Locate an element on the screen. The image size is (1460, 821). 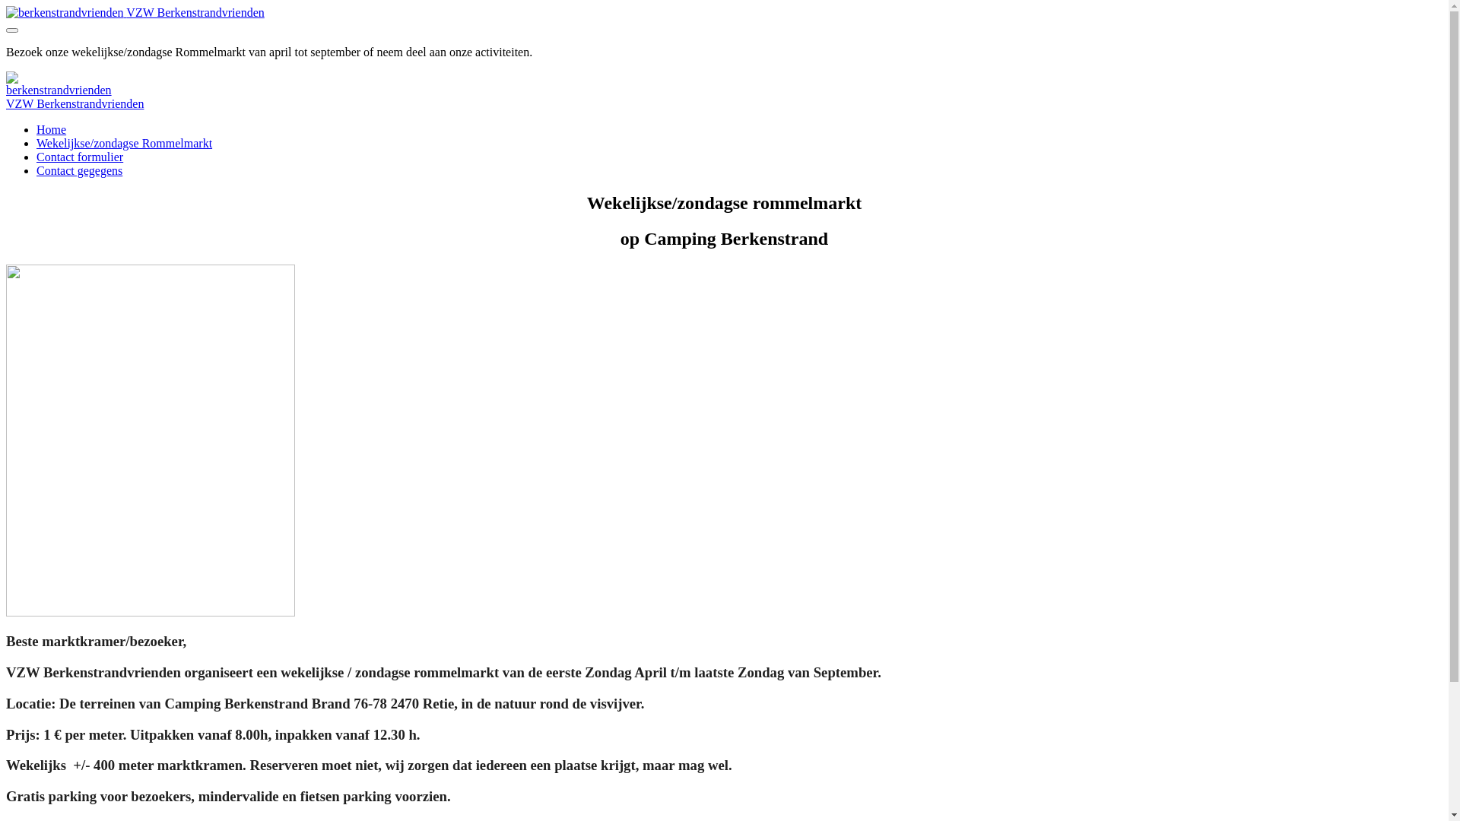
'Home' is located at coordinates (51, 128).